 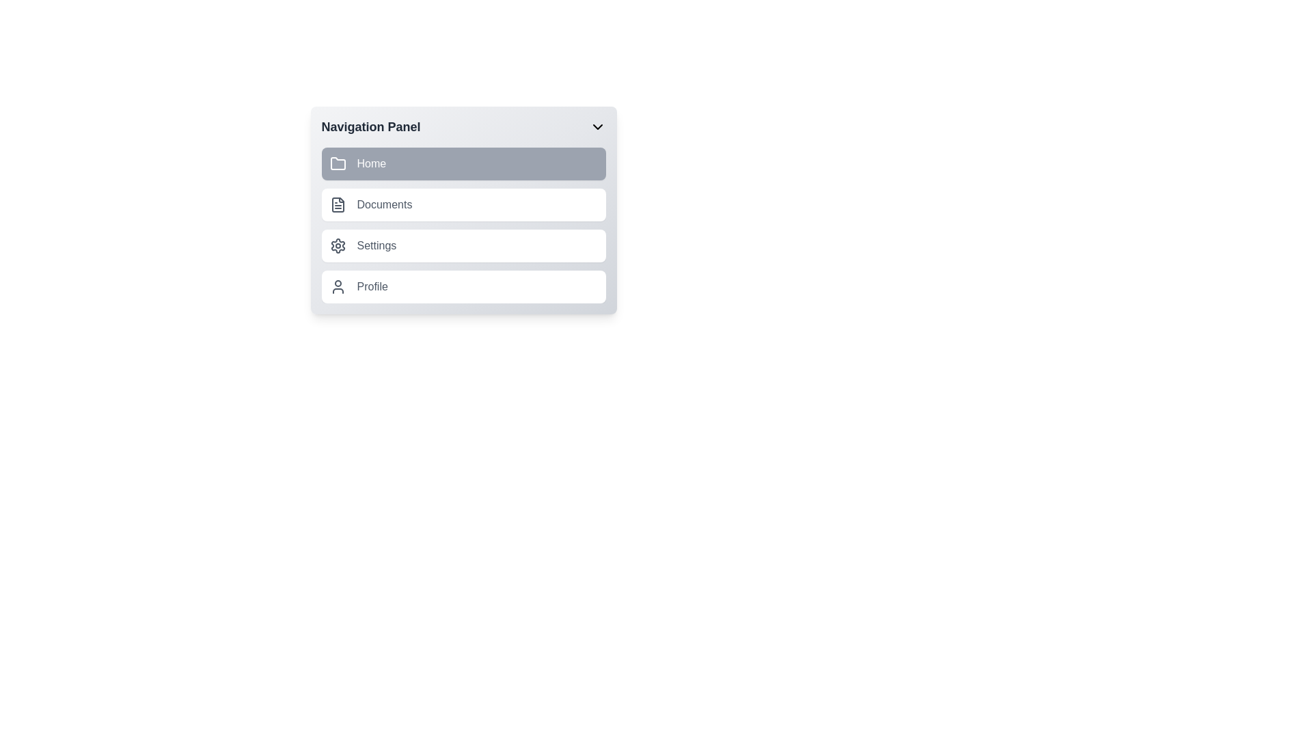 I want to click on the 'Documents' button, which is the second list item in the navigation panel located on the left side of the viewport, so click(x=463, y=210).